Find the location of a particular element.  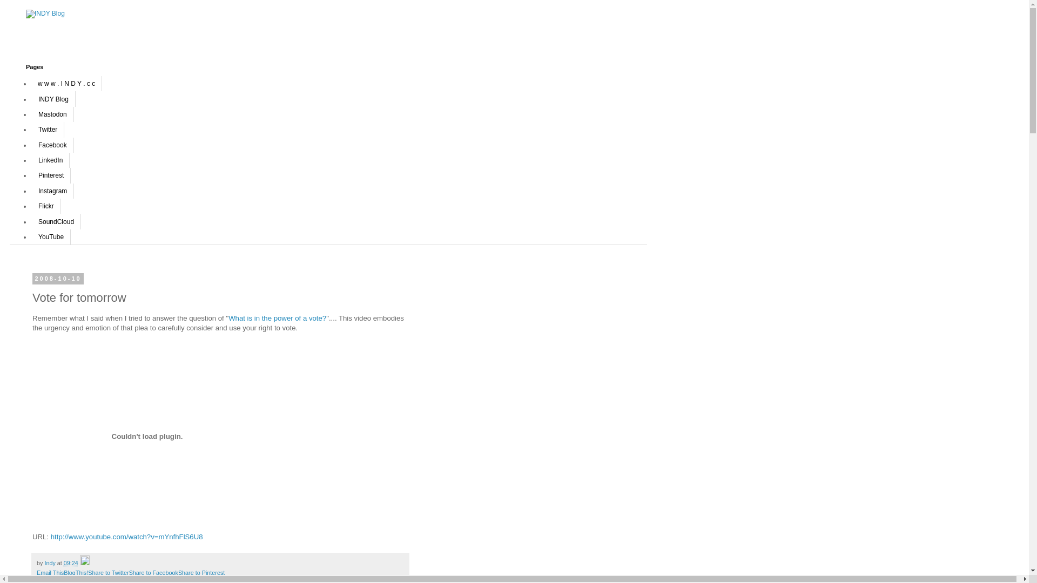

'SoundCloud' is located at coordinates (31, 220).